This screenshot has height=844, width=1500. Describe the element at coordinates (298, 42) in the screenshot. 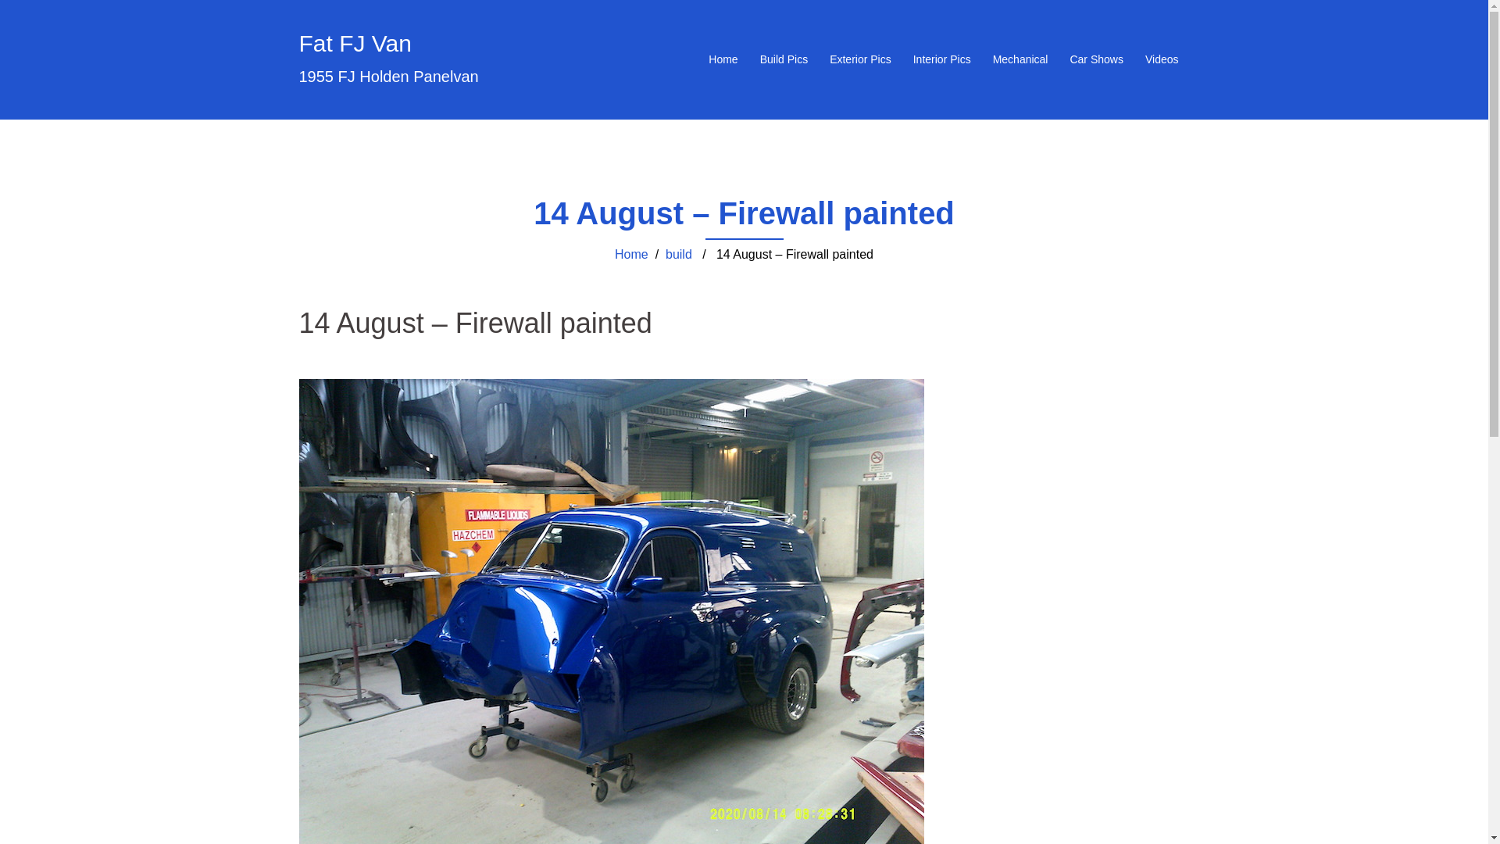

I see `'Fat FJ Van'` at that location.